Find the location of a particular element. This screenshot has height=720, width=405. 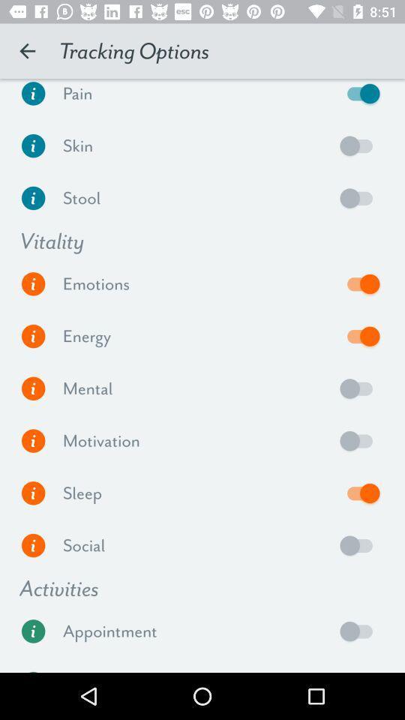

find more information is located at coordinates (33, 388).